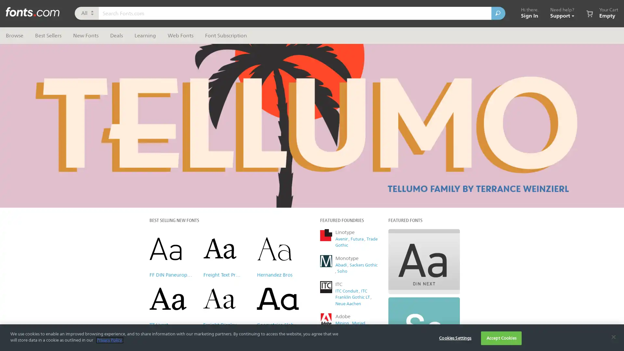 The image size is (624, 351). I want to click on Subscribe, so click(377, 167).